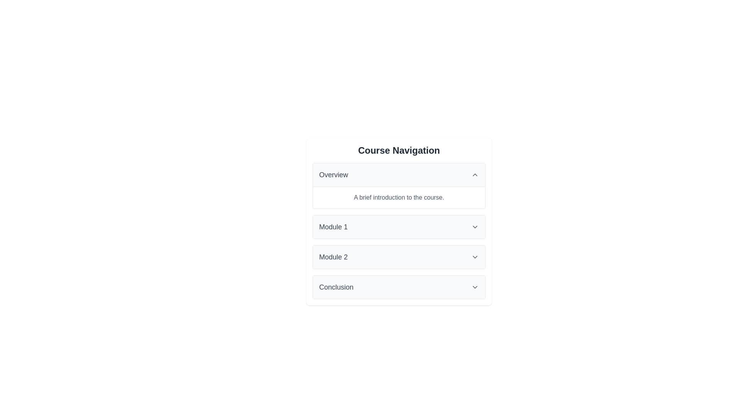 The height and width of the screenshot is (417, 741). Describe the element at coordinates (399, 287) in the screenshot. I see `the 'Conclusion' Collapsible section button located in the bottom section of the 'Course Navigation' panel` at that location.